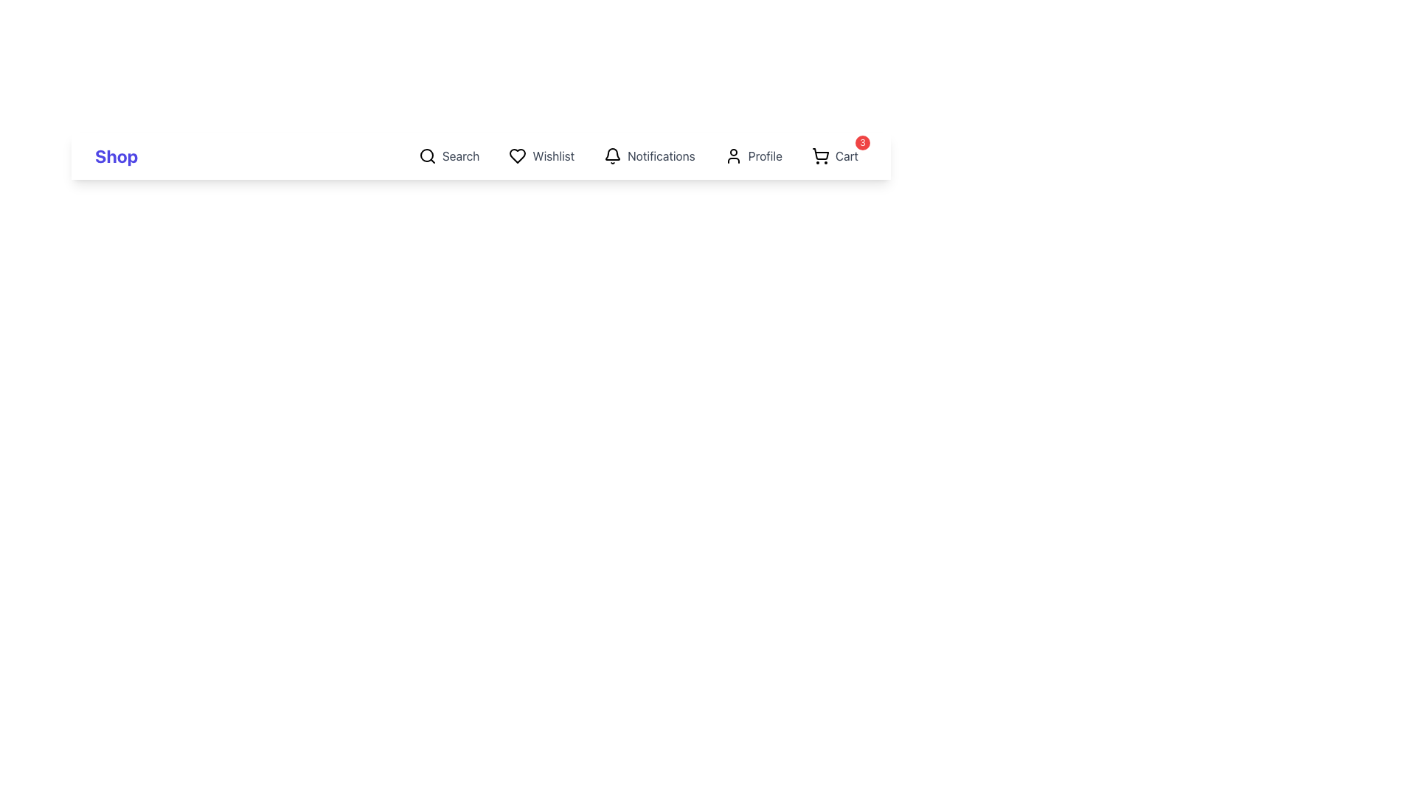  What do you see at coordinates (613, 156) in the screenshot?
I see `the bell icon in the notifications section of the navigation bar` at bounding box center [613, 156].